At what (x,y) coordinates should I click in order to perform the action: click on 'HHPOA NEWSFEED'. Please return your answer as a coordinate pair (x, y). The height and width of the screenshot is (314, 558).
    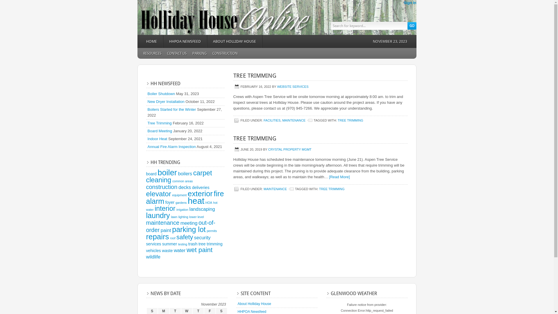
    Looking at the image, I should click on (163, 41).